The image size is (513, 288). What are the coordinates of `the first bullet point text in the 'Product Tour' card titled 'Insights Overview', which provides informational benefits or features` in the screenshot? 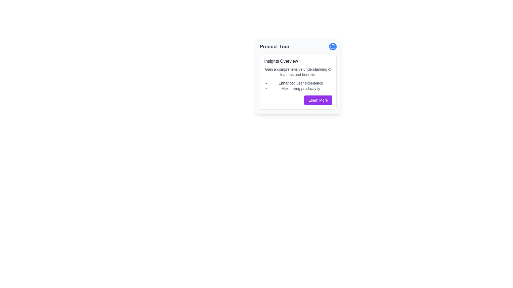 It's located at (301, 83).